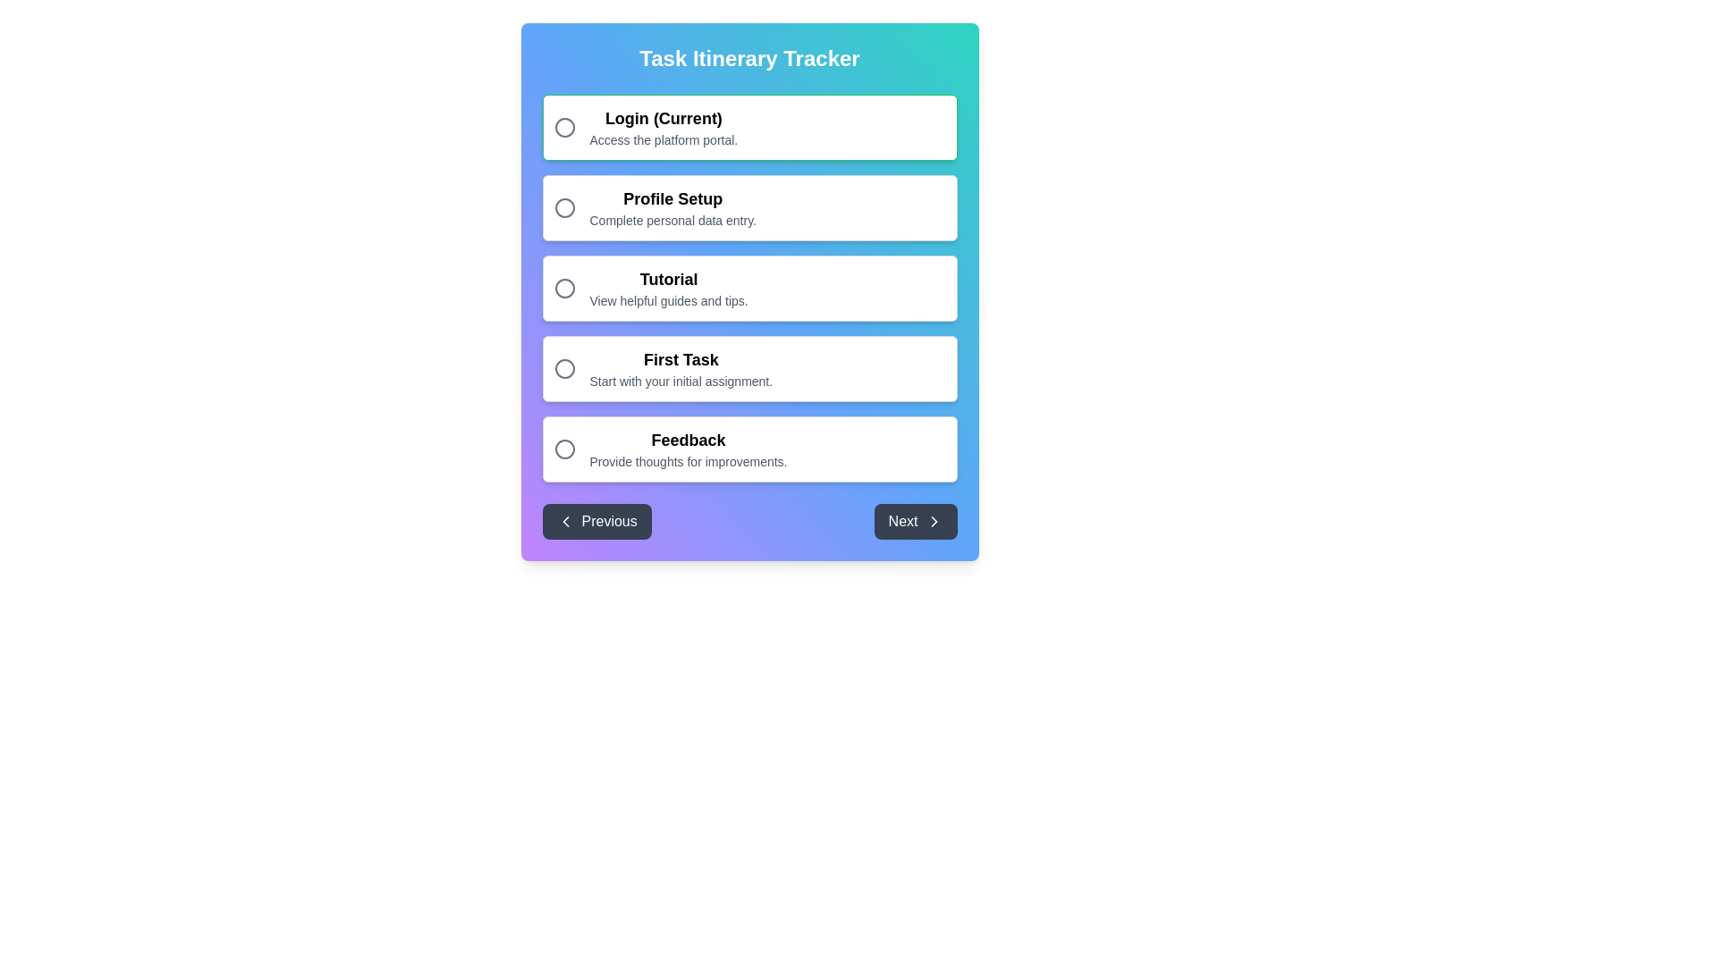 The image size is (1717, 965). What do you see at coordinates (563, 367) in the screenshot?
I see `the circular indicator (radio button) within the 'First Task' item in the vertical list` at bounding box center [563, 367].